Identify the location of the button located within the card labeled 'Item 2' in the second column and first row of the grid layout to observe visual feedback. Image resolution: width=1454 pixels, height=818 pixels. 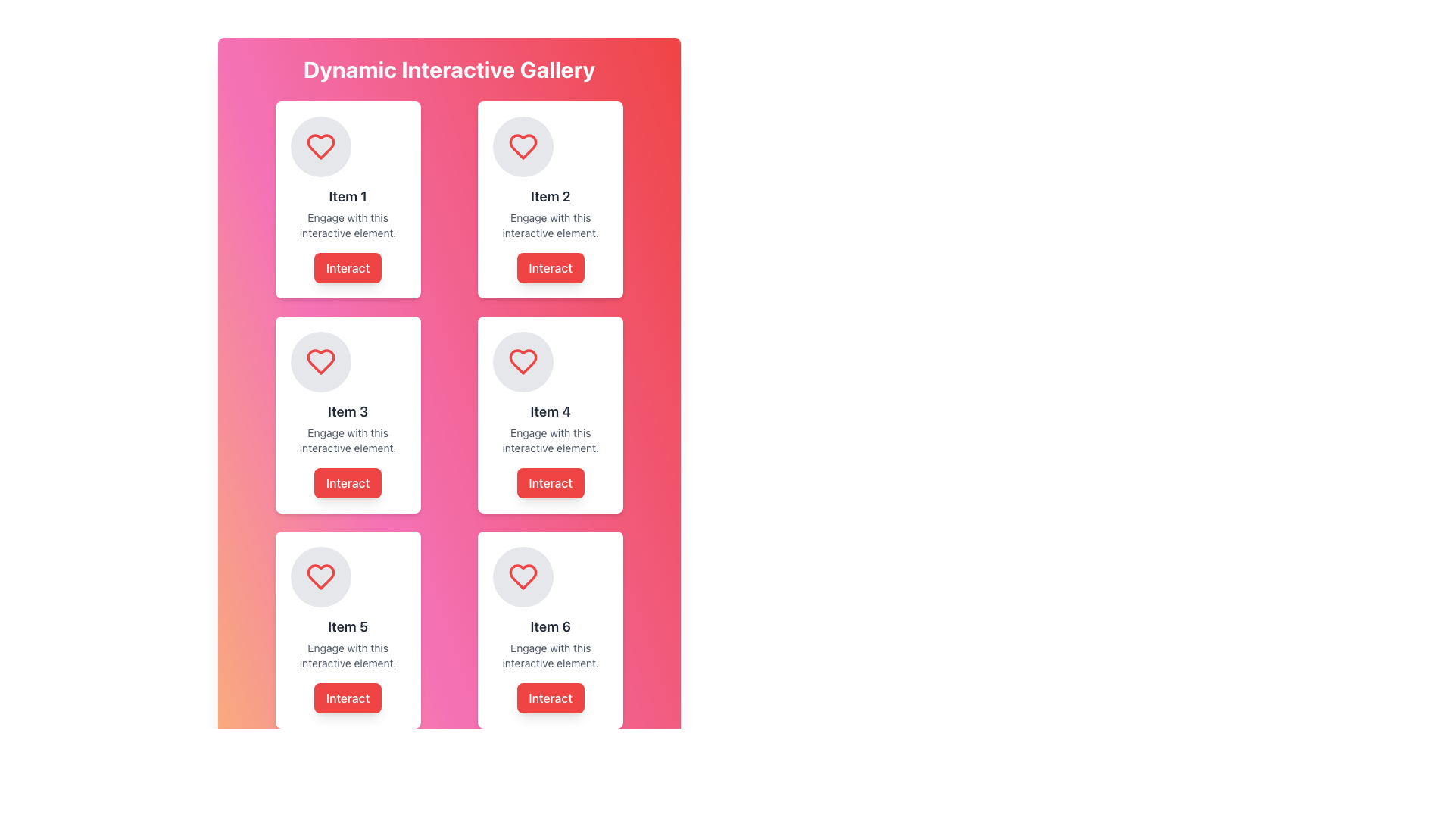
(550, 267).